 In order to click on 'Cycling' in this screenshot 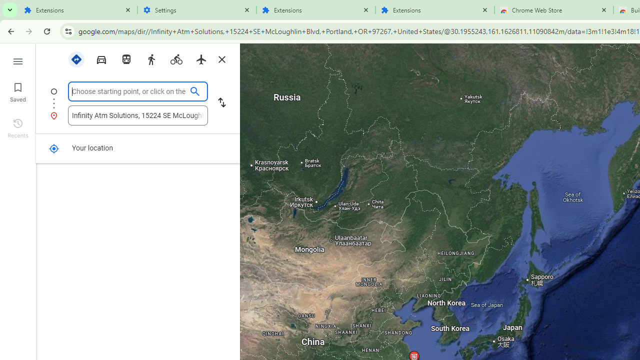, I will do `click(176, 59)`.